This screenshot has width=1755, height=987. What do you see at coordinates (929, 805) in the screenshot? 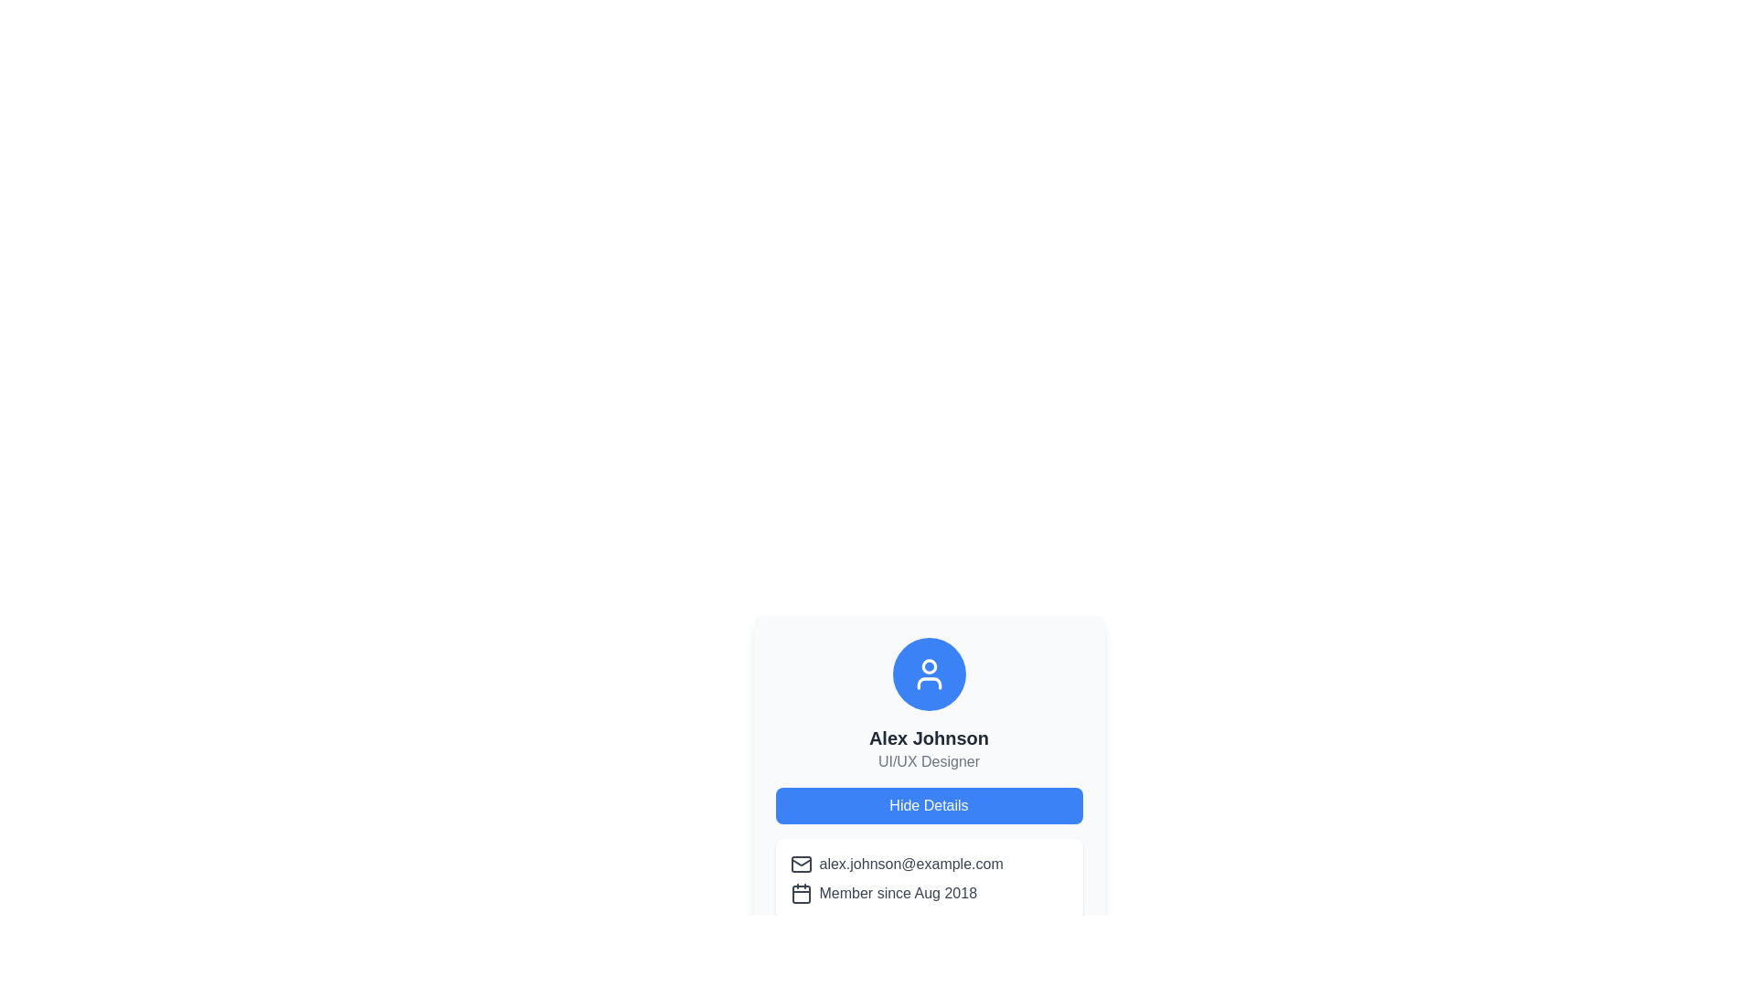
I see `the button that toggles the visibility of the additional details section within the card to change its background color` at bounding box center [929, 805].